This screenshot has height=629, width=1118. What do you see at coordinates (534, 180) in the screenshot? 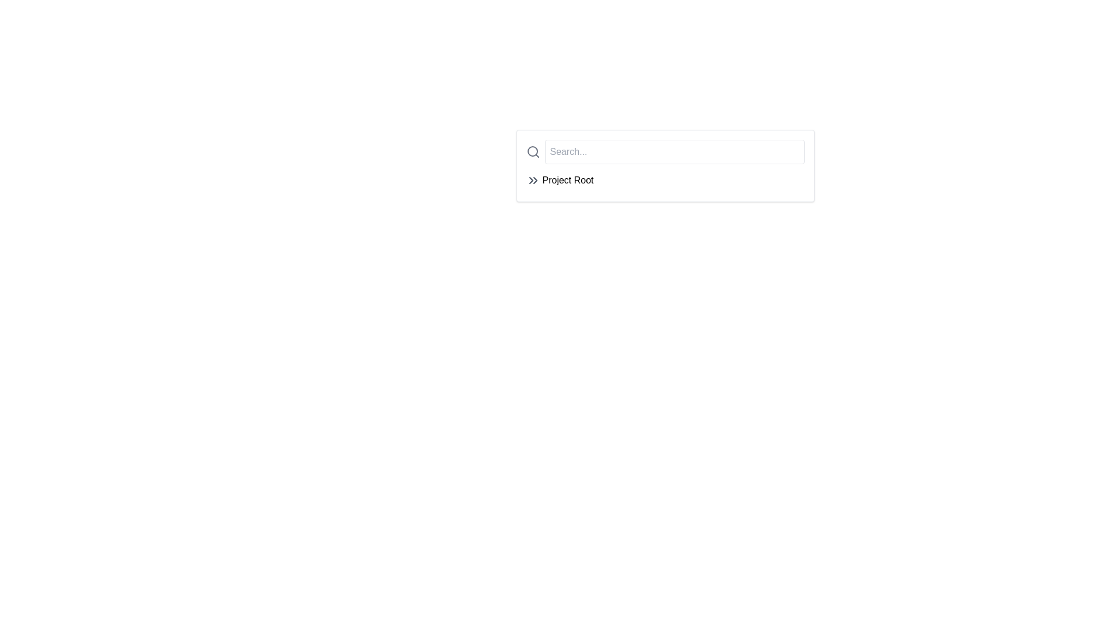
I see `the visual representation of the rightward-facing chevron arrow, which is the second arrow in a pair within the double-chevron navigation icon located to the left of the 'Project Root' folder icon` at bounding box center [534, 180].